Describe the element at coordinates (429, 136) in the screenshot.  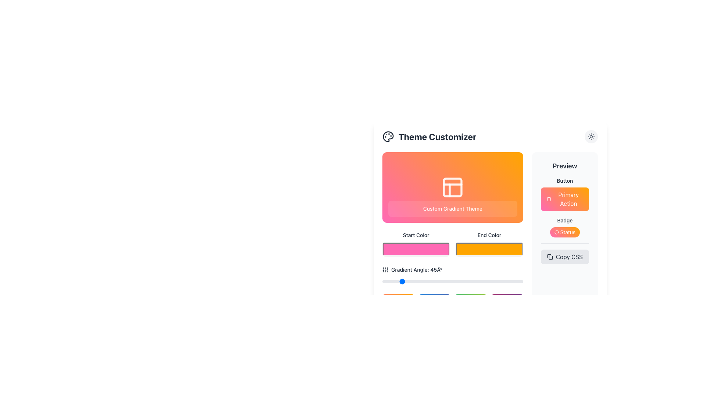
I see `the header Label of the customization interface, which indicates the purpose of the section and is the first element among its siblings` at that location.